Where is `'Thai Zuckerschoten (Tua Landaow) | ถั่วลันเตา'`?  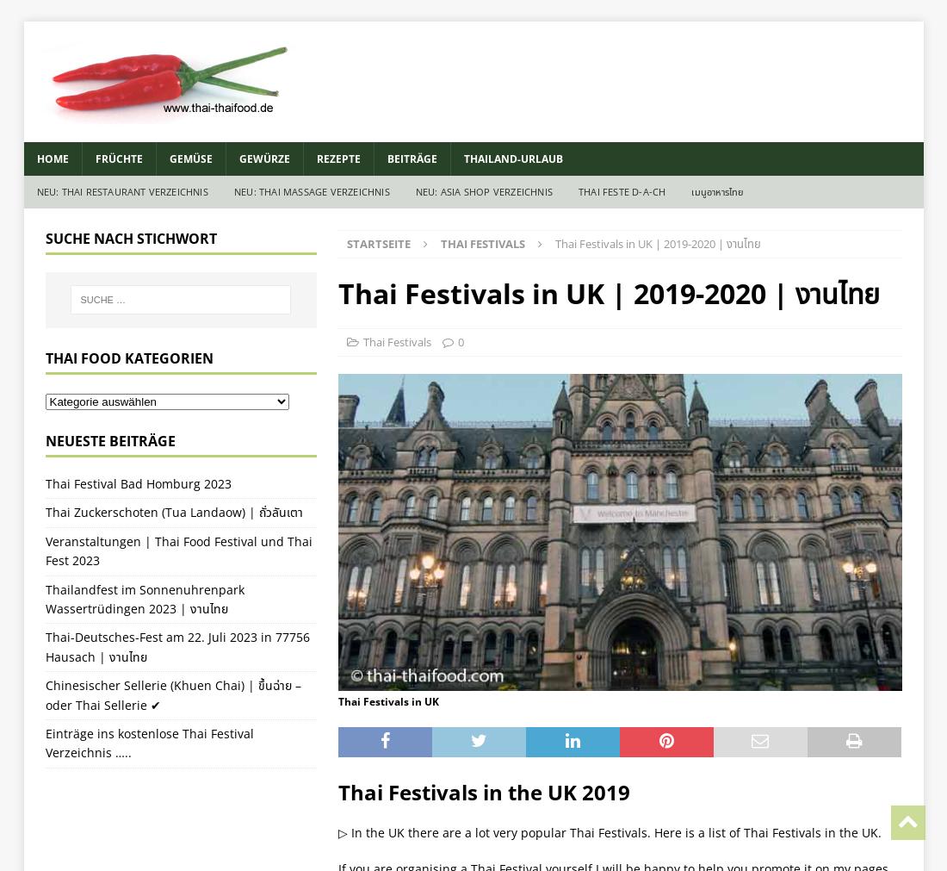
'Thai Zuckerschoten (Tua Landaow) | ถั่วลันเตา' is located at coordinates (44, 512).